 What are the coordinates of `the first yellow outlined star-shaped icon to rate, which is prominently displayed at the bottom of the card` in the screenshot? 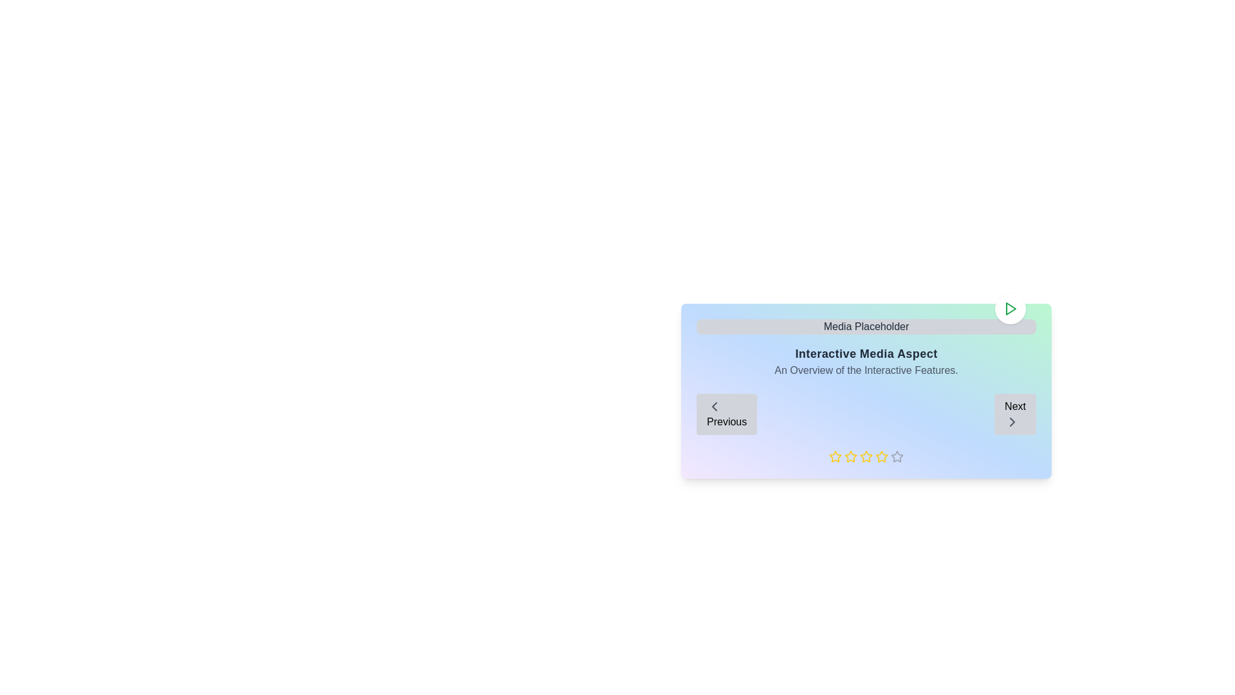 It's located at (834, 456).